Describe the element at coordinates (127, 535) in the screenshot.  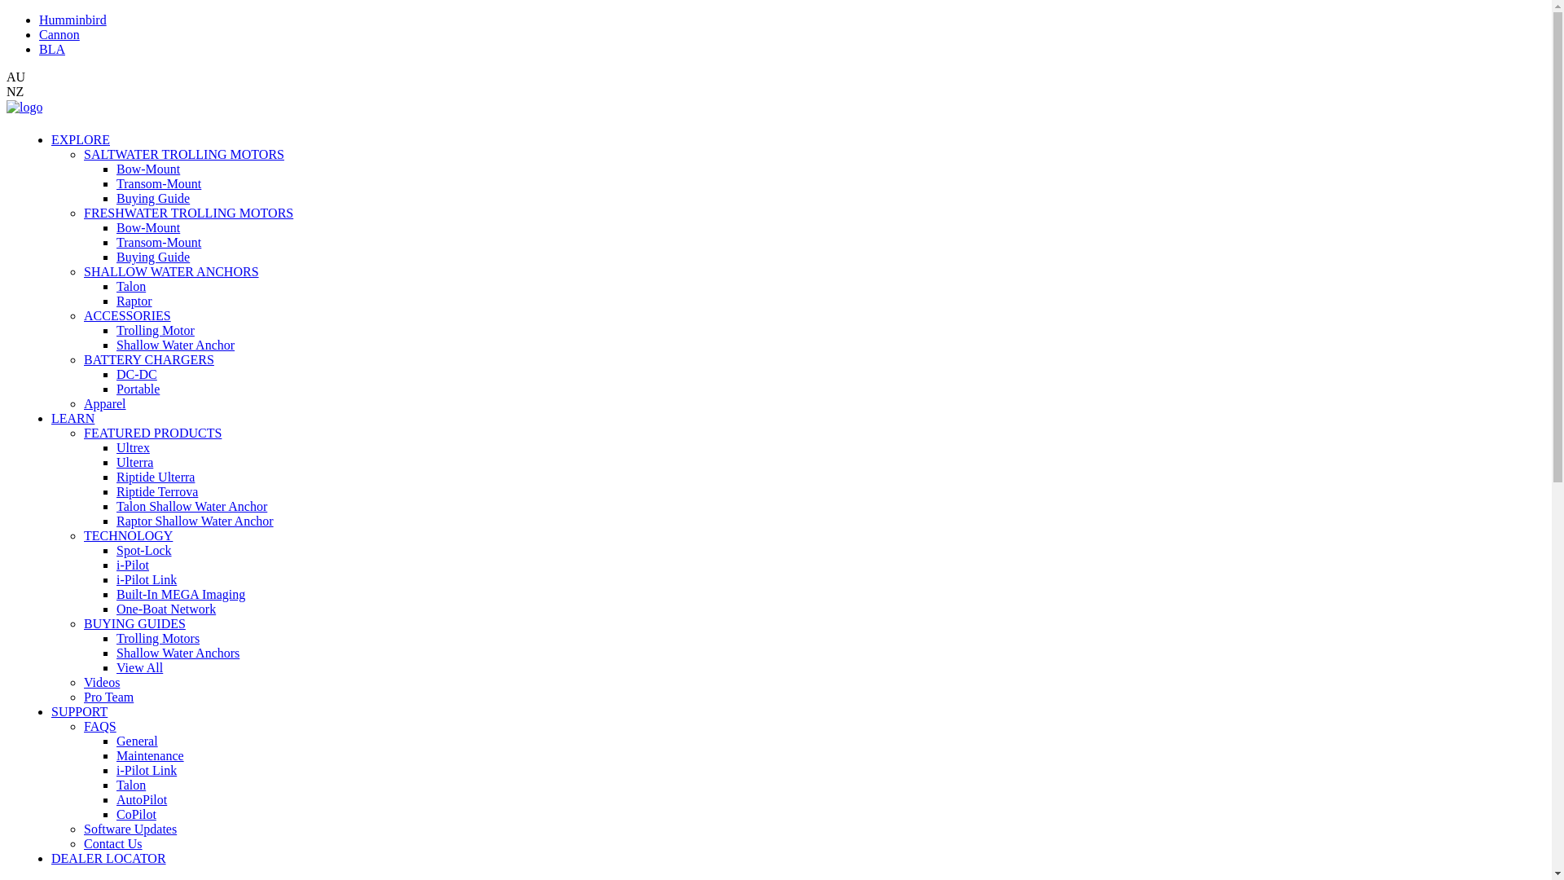
I see `'TECHNOLOGY'` at that location.